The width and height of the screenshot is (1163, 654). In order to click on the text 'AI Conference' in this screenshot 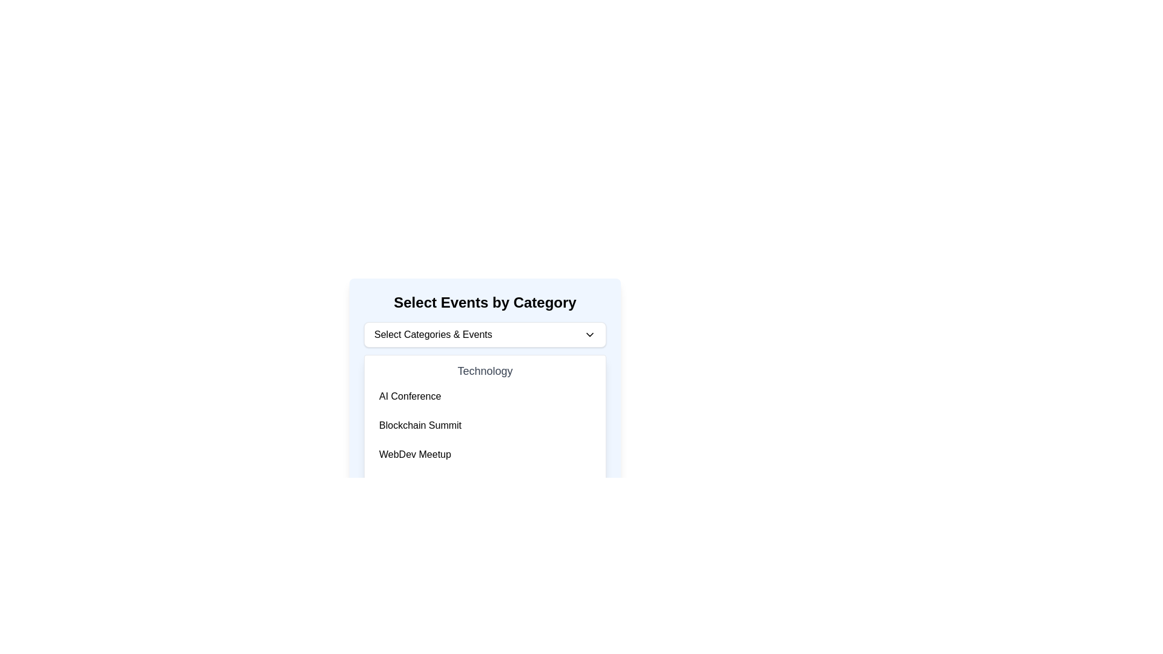, I will do `click(410, 397)`.